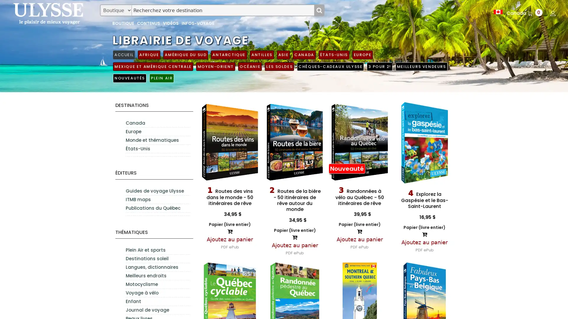 Image resolution: width=568 pixels, height=319 pixels. What do you see at coordinates (359, 239) in the screenshot?
I see `Ajoutez au panier` at bounding box center [359, 239].